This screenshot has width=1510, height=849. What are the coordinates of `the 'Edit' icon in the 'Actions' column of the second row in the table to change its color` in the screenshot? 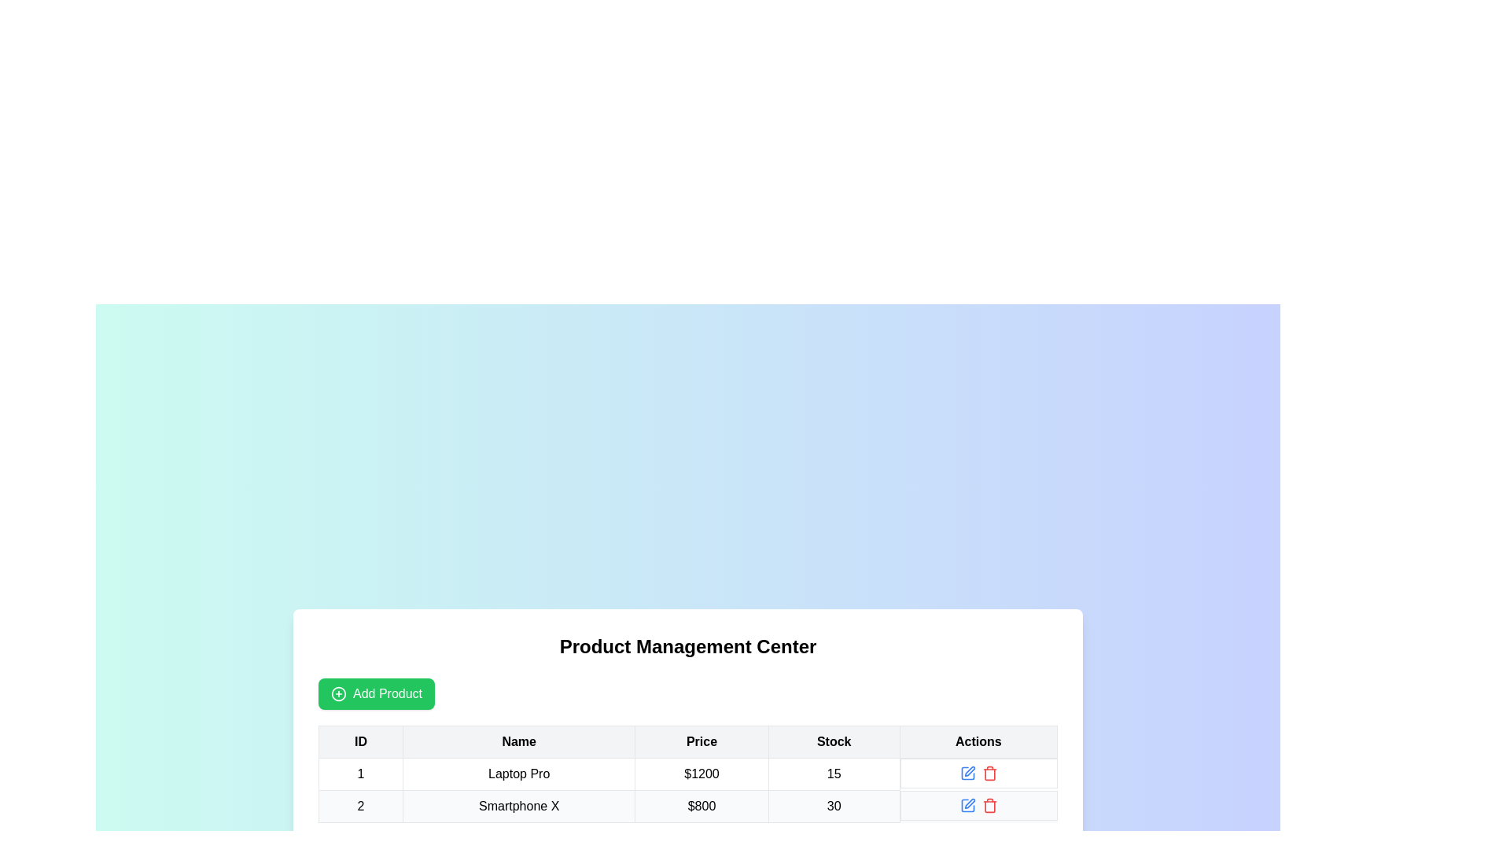 It's located at (967, 805).